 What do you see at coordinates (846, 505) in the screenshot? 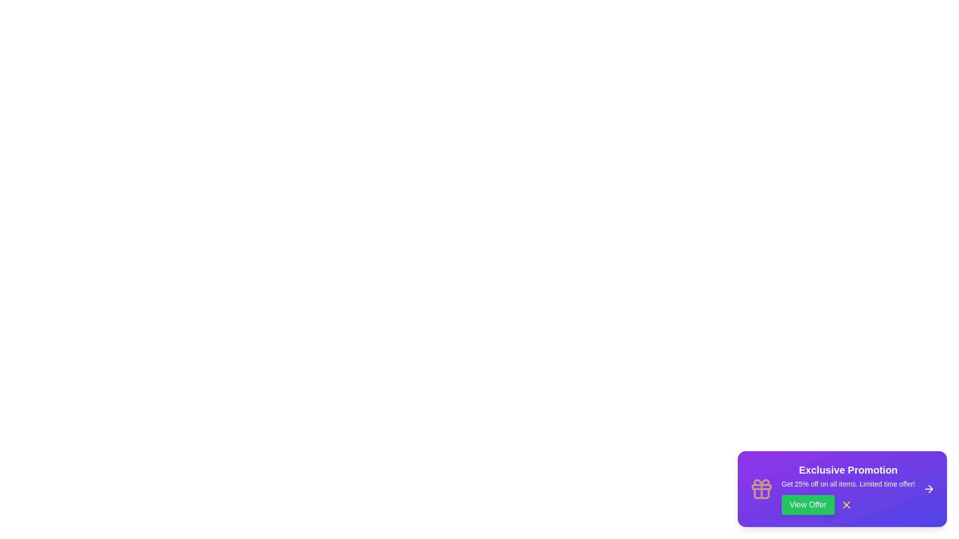
I see `the close button (X) to dismiss the snackbar` at bounding box center [846, 505].